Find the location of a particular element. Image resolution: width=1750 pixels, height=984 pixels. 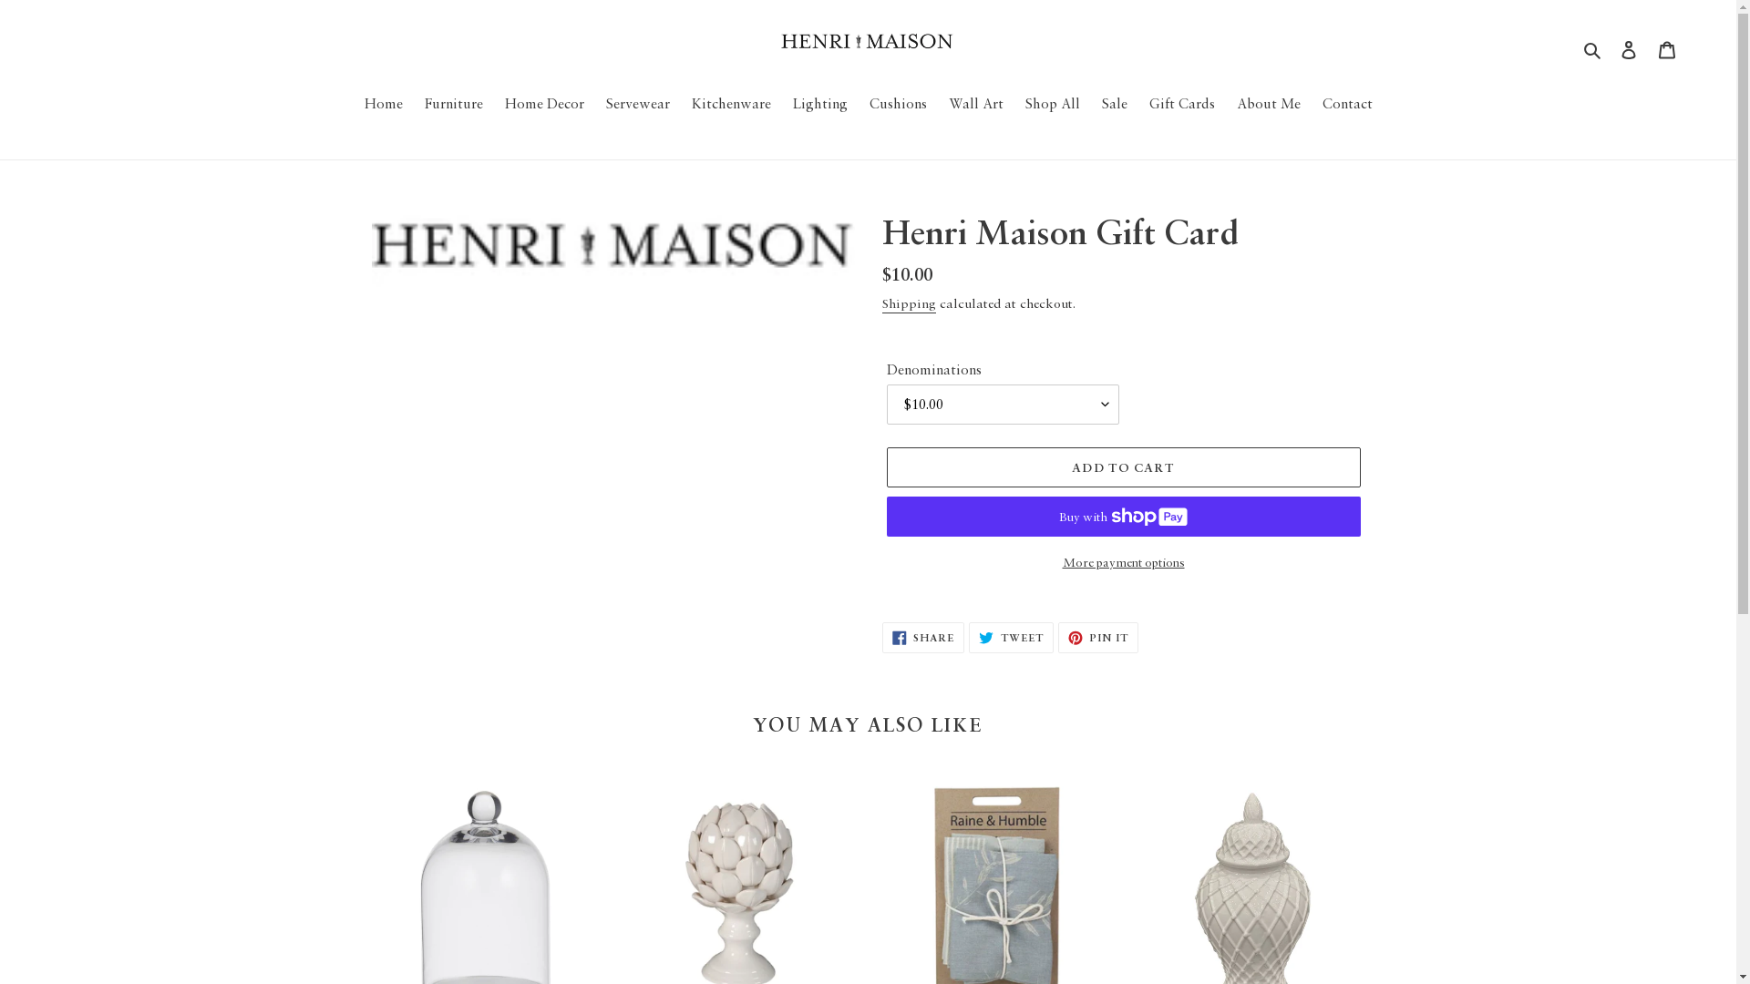

'ADD TO CART' is located at coordinates (1122, 466).